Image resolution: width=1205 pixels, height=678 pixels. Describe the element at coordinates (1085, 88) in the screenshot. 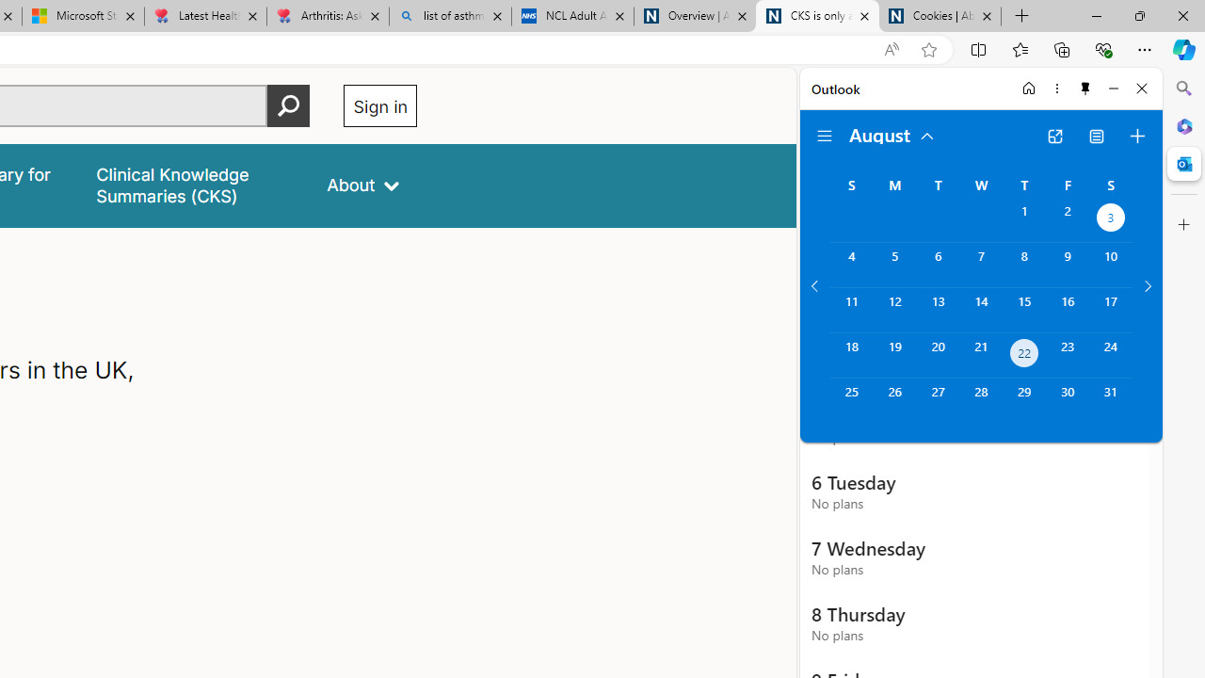

I see `'Unpin side pane'` at that location.